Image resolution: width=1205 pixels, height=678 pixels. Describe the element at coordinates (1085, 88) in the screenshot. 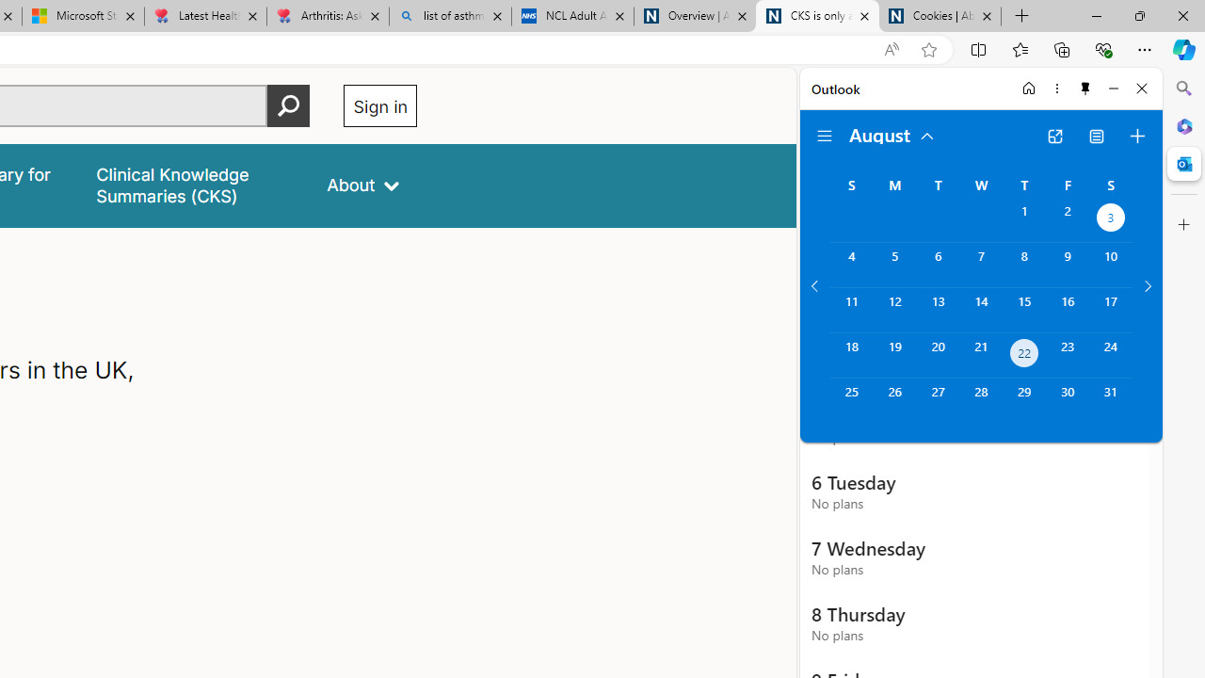

I see `'Unpin side pane'` at that location.